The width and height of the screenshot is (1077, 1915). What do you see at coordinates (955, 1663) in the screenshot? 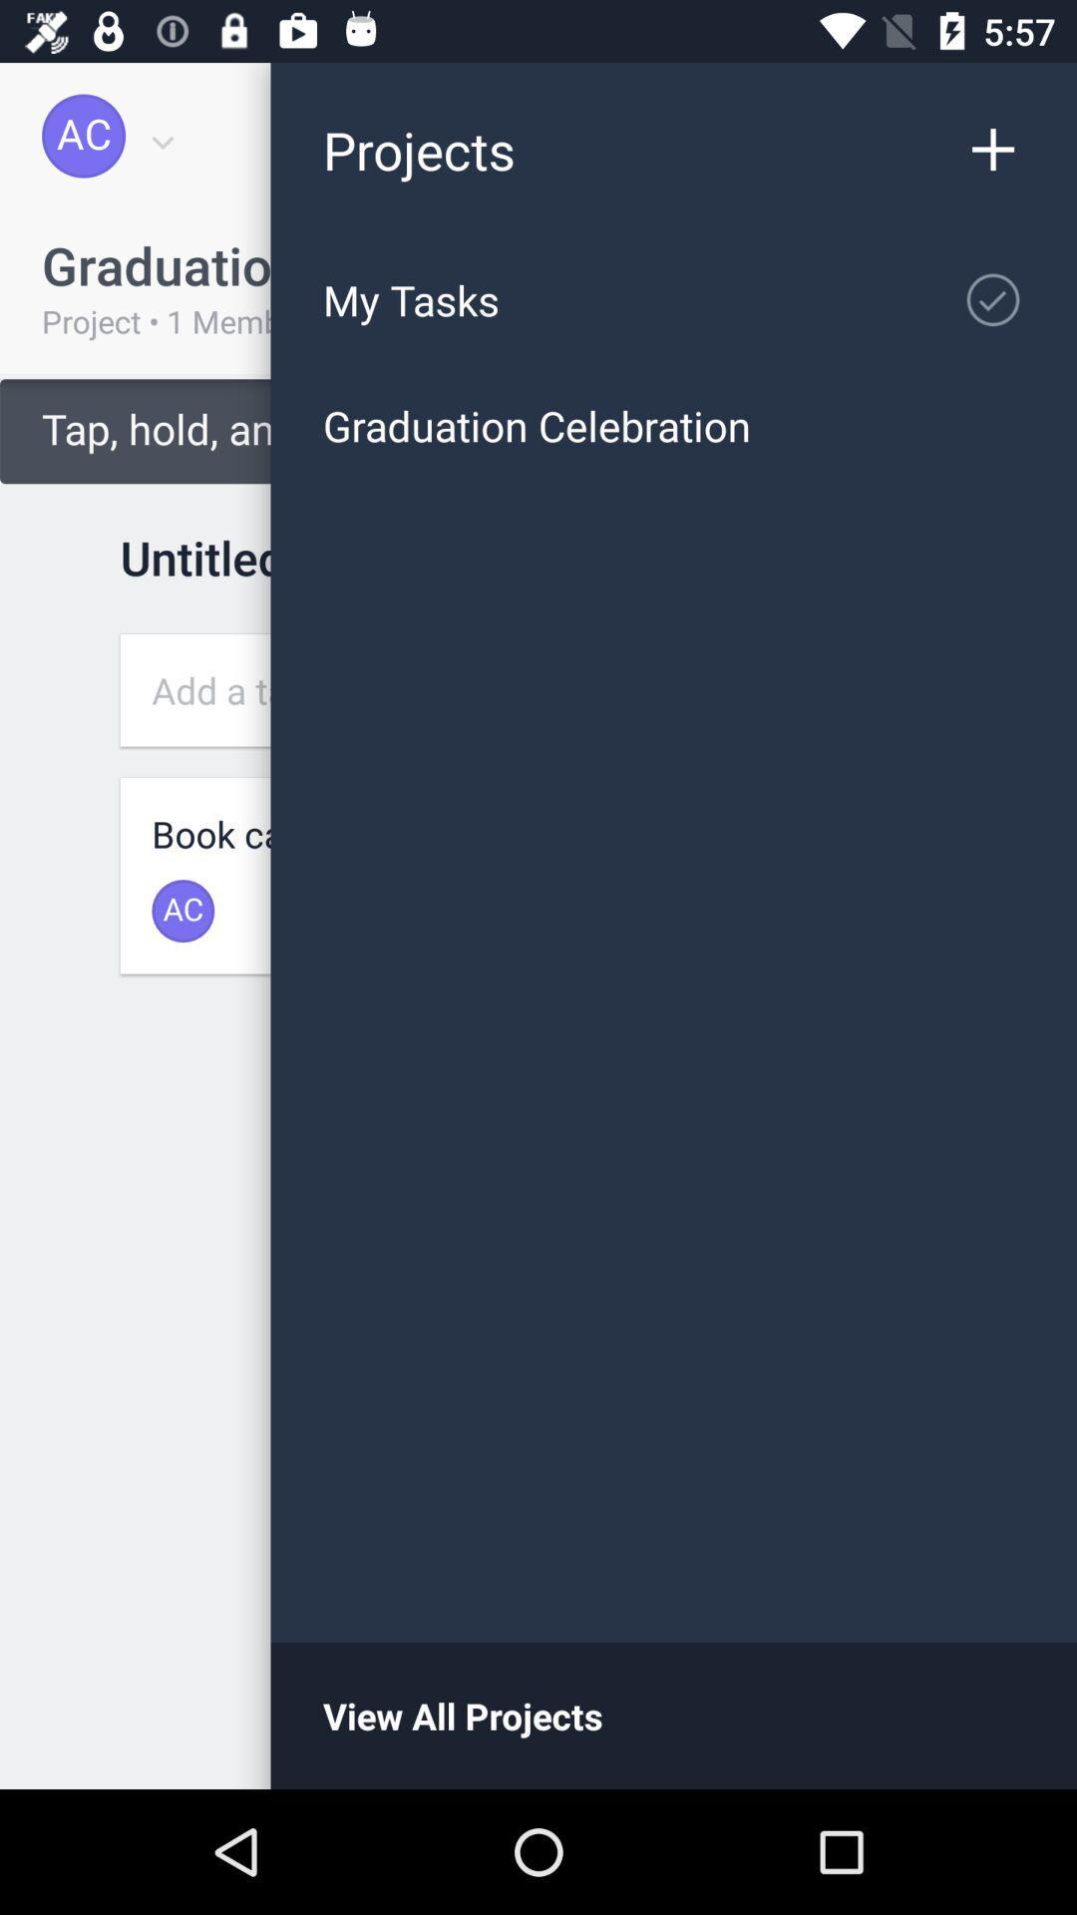
I see `the minus icon` at bounding box center [955, 1663].